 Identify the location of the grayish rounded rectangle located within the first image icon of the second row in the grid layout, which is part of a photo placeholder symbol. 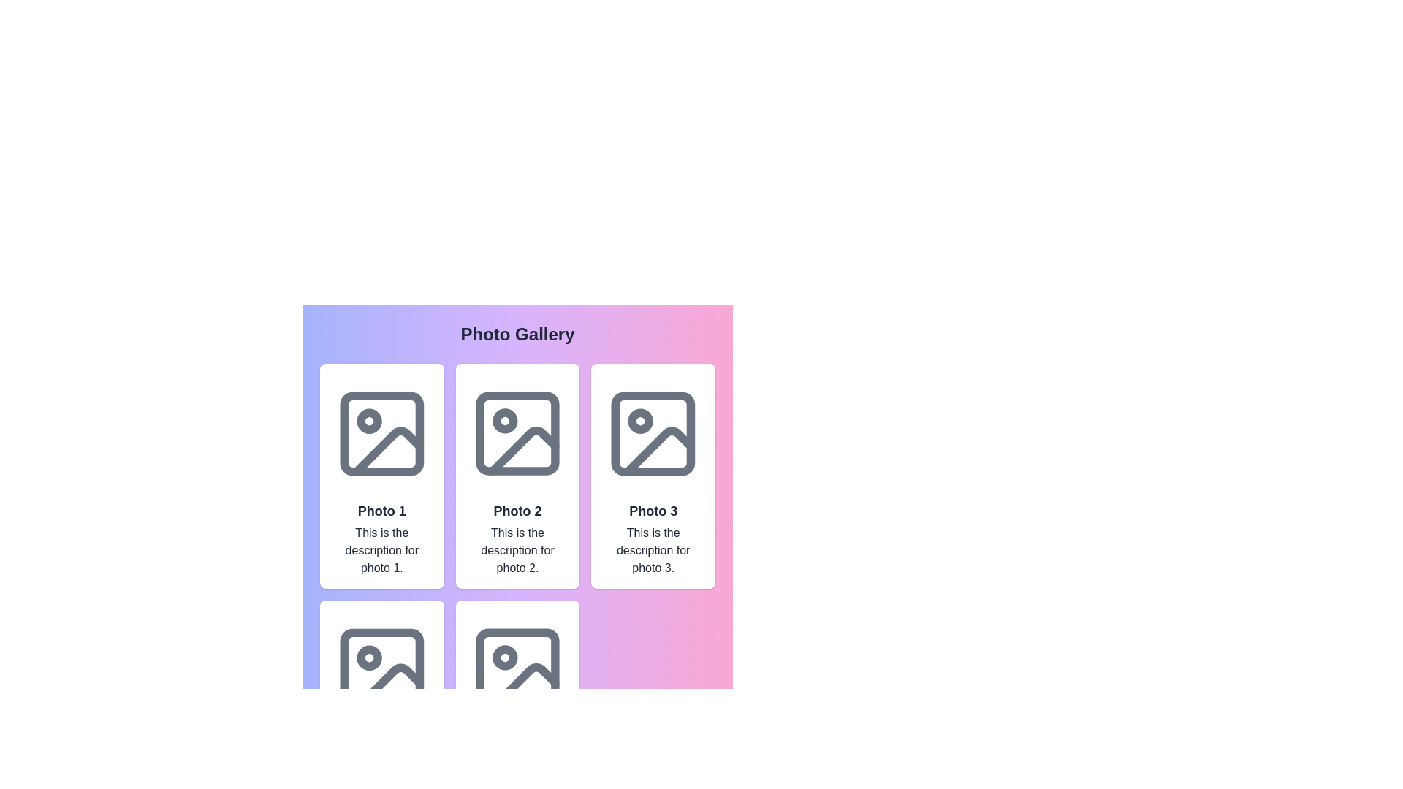
(381, 671).